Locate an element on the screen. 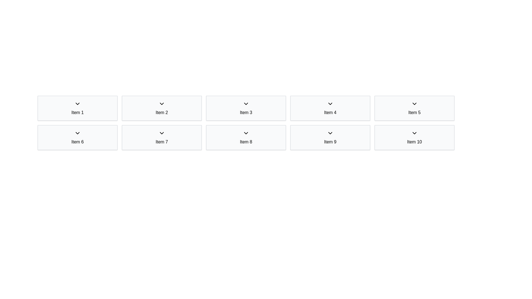 The image size is (532, 299). the downward-pointing chevron icon of the first item in the grid layout, which is positioned above the text 'Item 1' is located at coordinates (77, 104).